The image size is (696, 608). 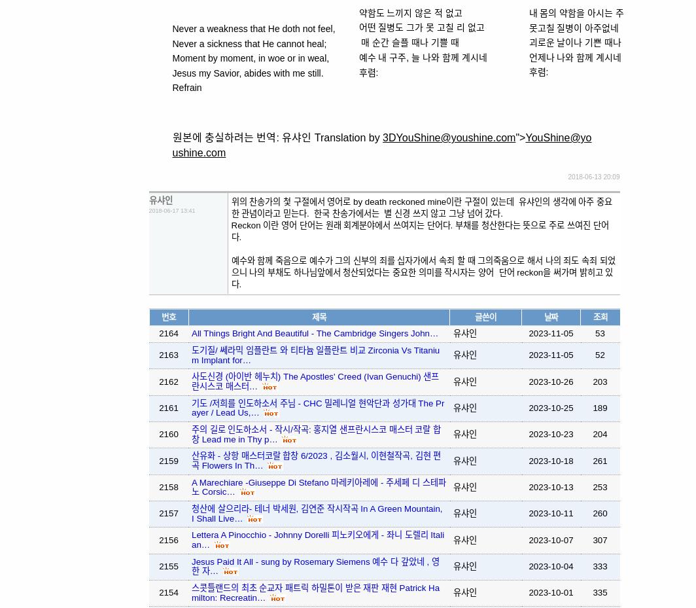 I want to click on '2158', so click(x=168, y=486).